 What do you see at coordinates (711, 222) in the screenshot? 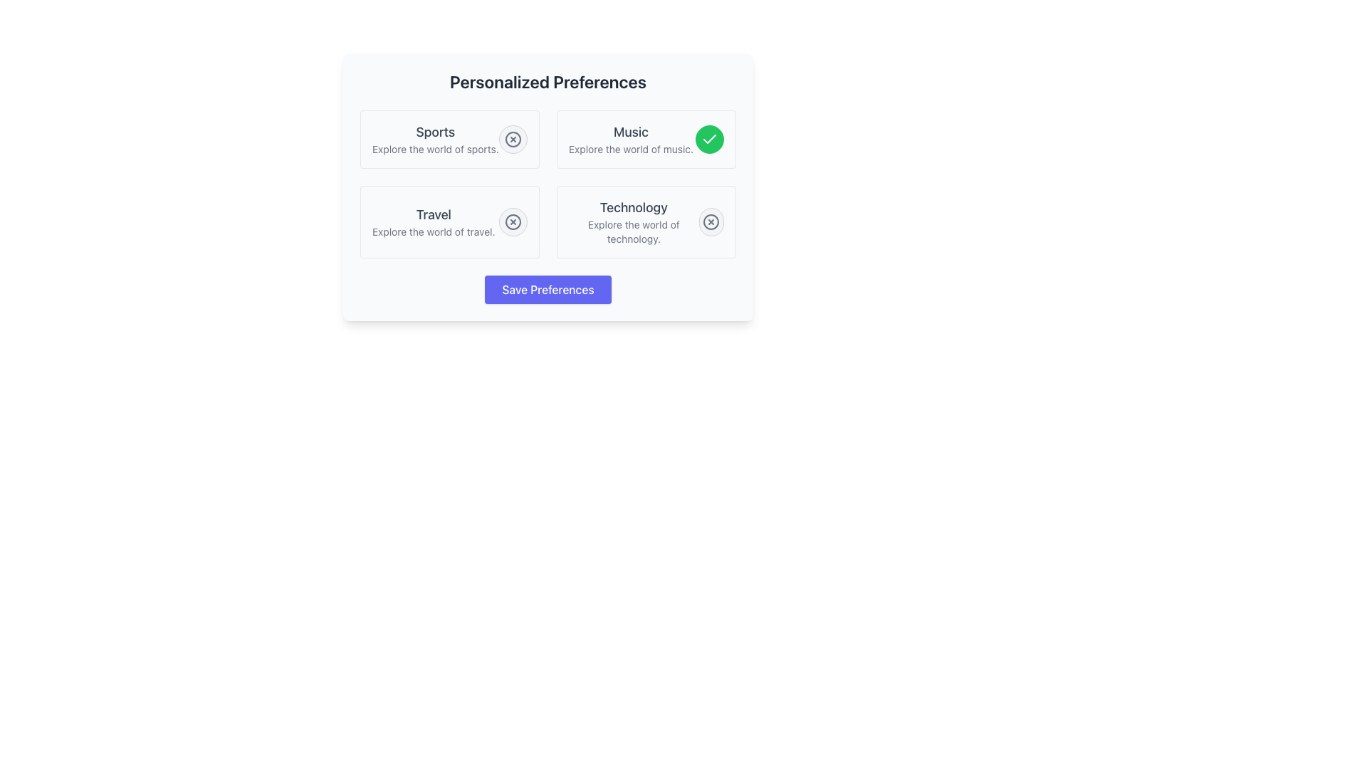
I see `the small circular button with a white background and gray 'x' icon located in the lower right corner of the 'Technology' preference card` at bounding box center [711, 222].